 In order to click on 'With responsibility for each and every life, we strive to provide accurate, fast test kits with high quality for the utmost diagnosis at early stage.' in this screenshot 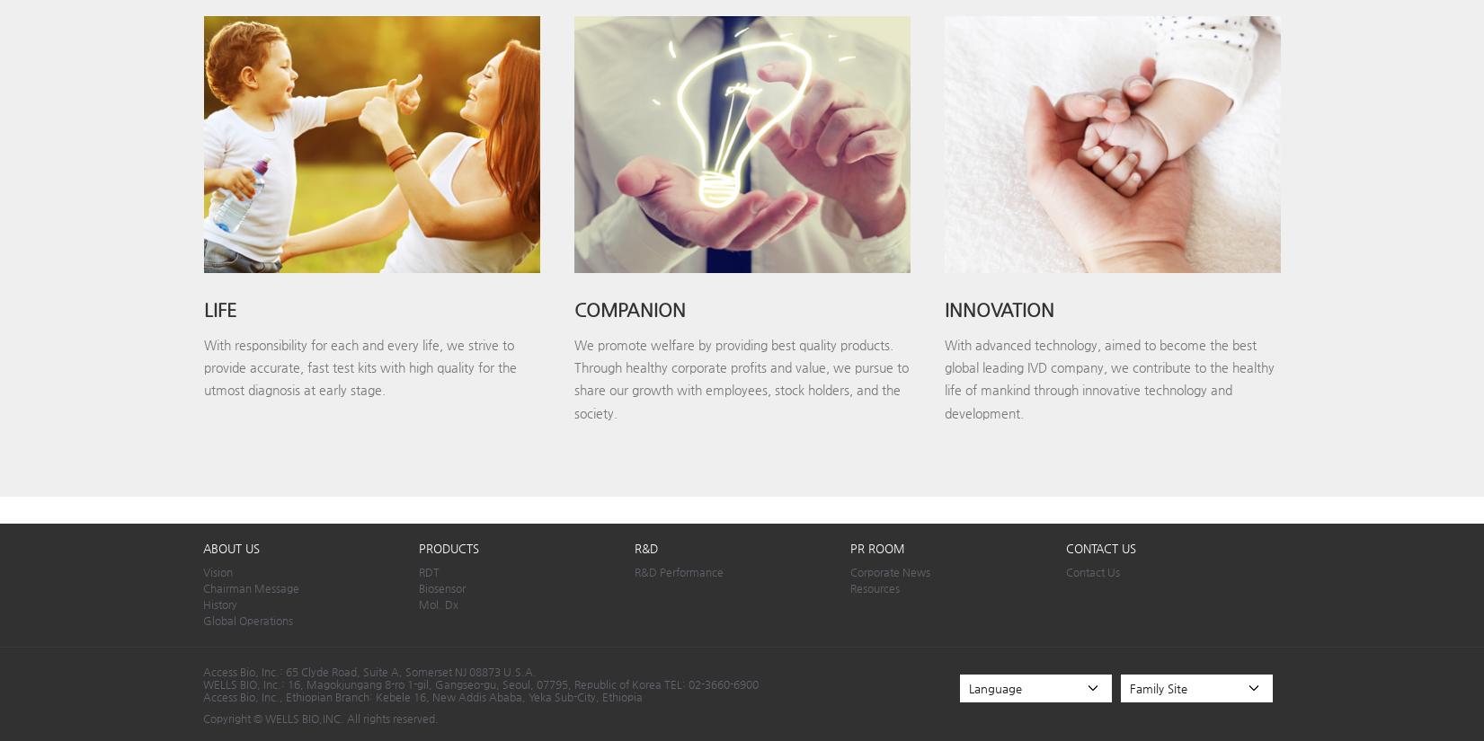, I will do `click(360, 366)`.